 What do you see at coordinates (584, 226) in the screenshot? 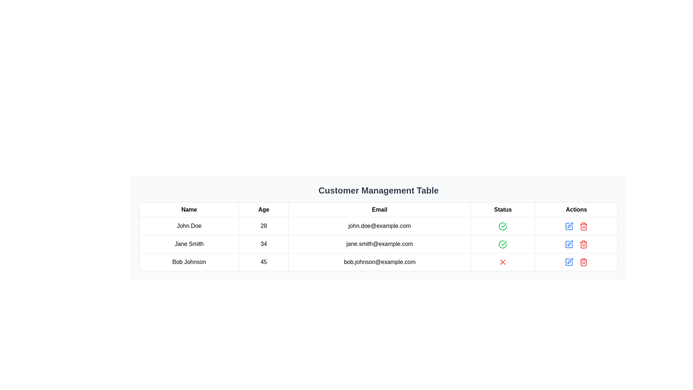
I see `the trash can icon located in the 'Actions' column, third row of the tabular data interface` at bounding box center [584, 226].